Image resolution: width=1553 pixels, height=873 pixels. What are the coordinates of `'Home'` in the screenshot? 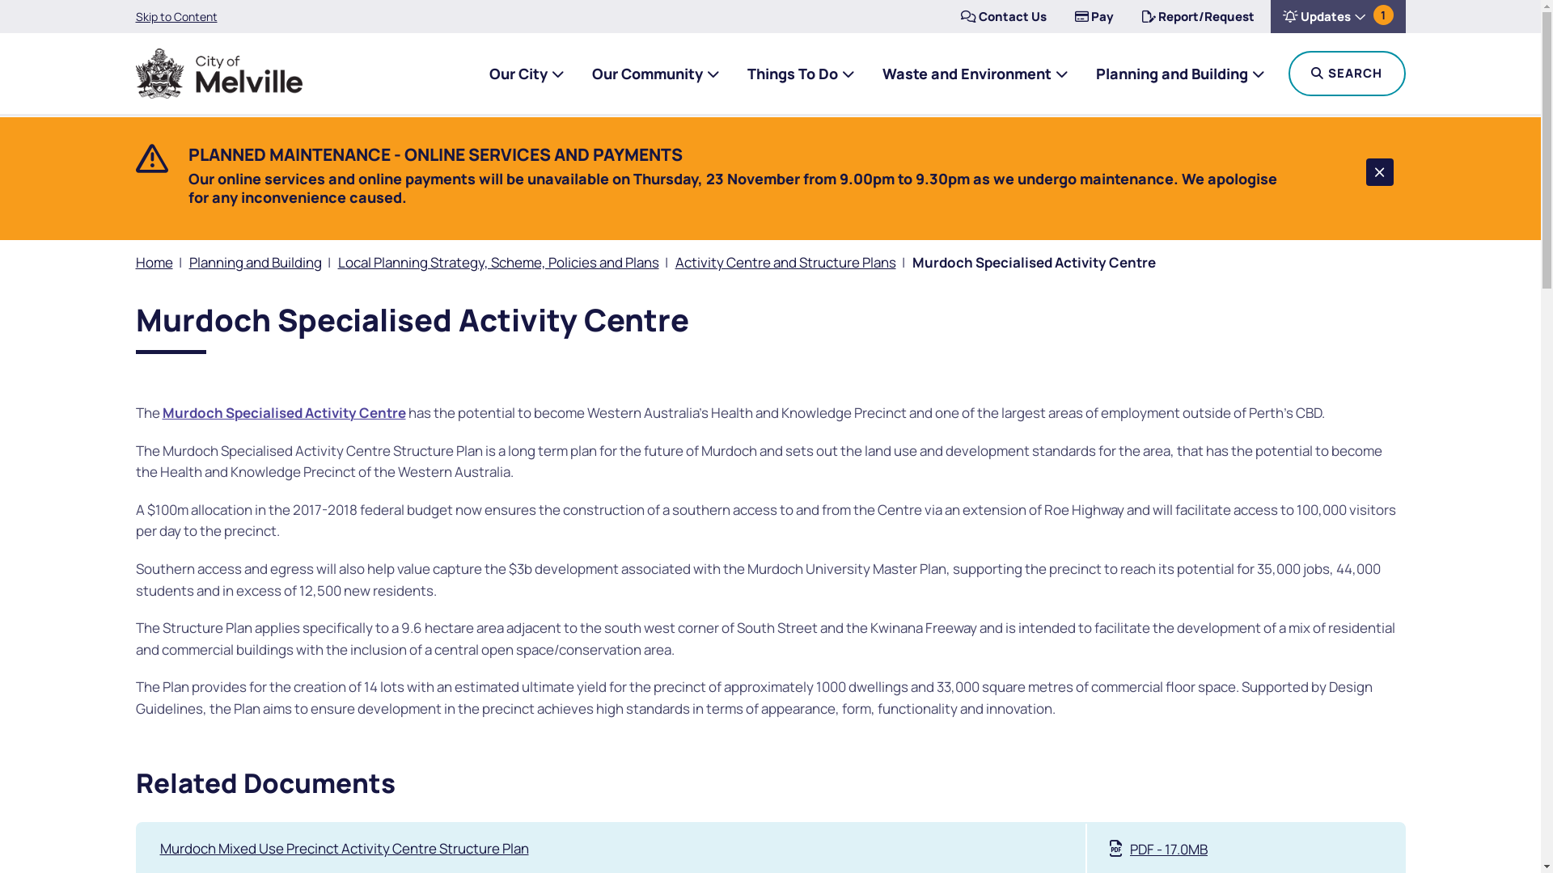 It's located at (154, 262).